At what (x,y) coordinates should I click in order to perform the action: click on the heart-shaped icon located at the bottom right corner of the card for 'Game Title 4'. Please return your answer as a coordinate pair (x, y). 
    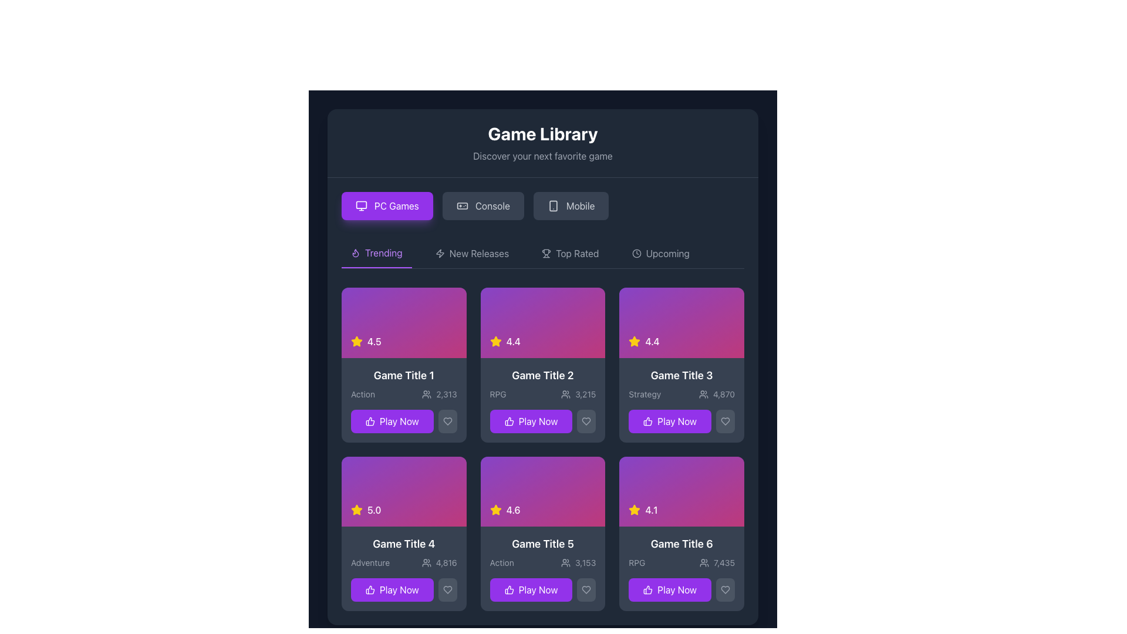
    Looking at the image, I should click on (447, 590).